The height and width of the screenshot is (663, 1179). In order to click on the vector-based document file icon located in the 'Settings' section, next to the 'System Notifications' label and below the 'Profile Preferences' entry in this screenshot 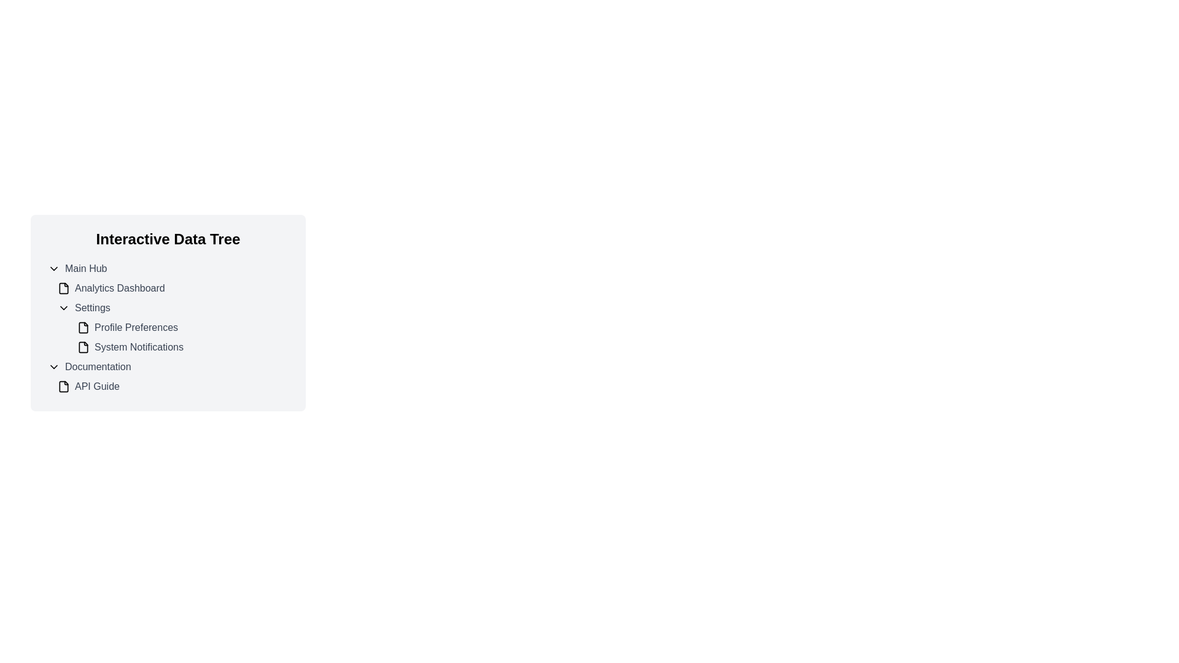, I will do `click(82, 347)`.